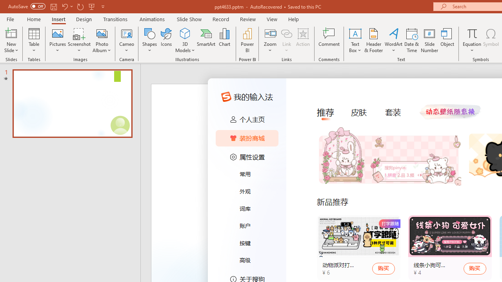 Image resolution: width=502 pixels, height=282 pixels. I want to click on 'Header & Footer...', so click(373, 40).